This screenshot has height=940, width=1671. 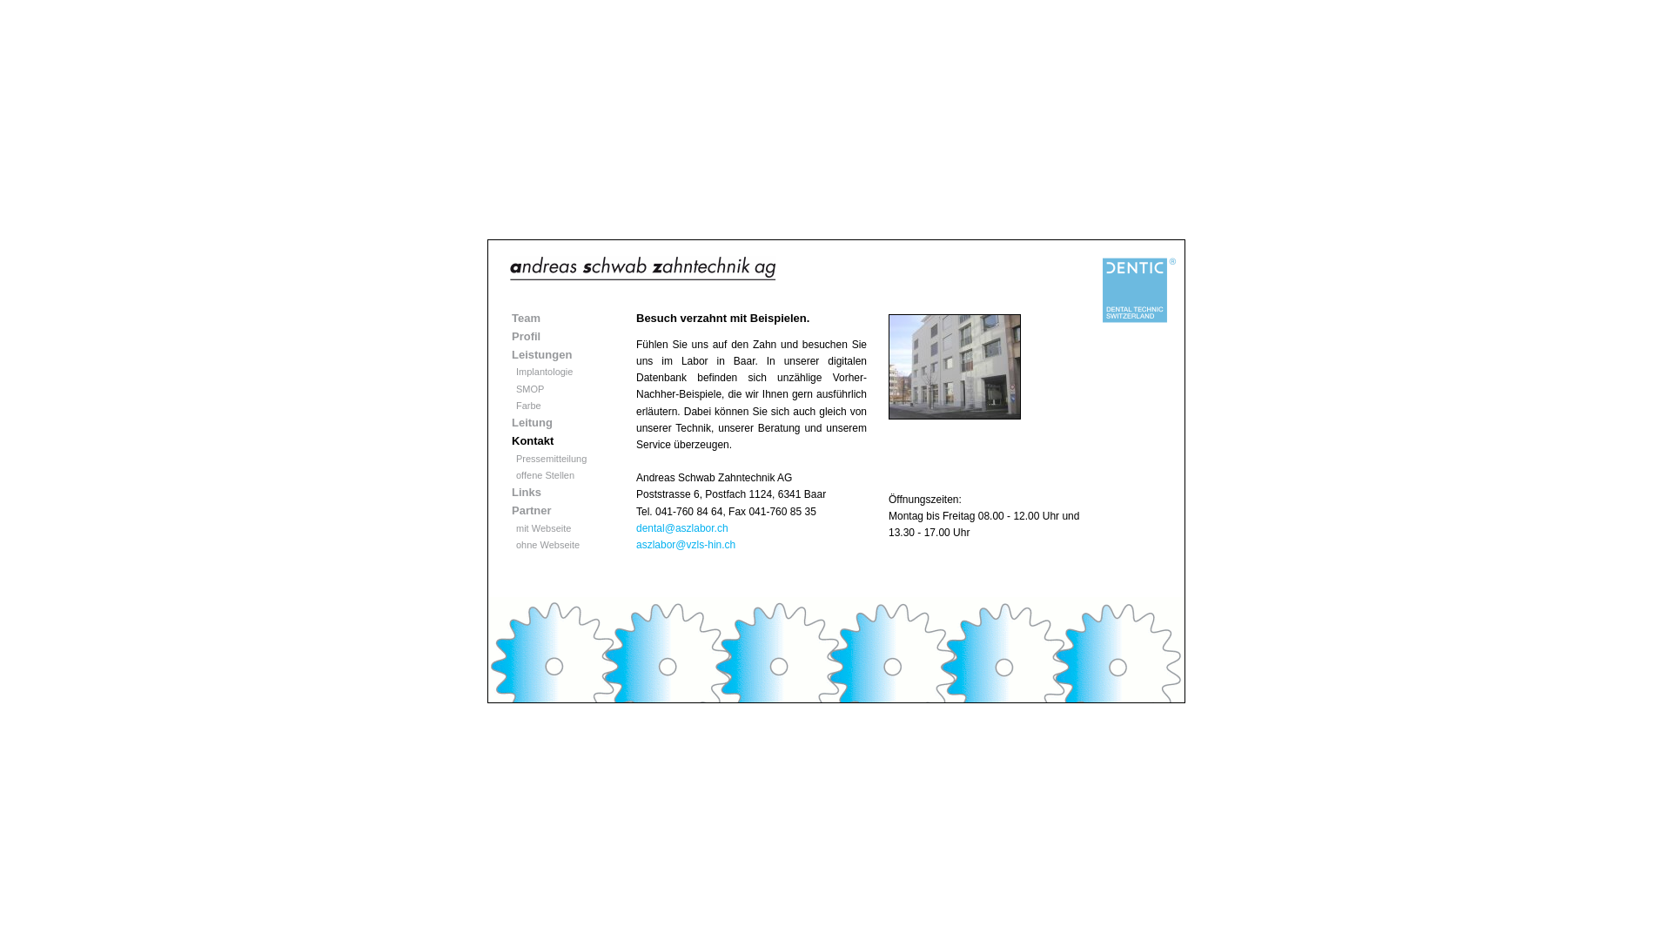 I want to click on 'SMOP', so click(x=529, y=388).